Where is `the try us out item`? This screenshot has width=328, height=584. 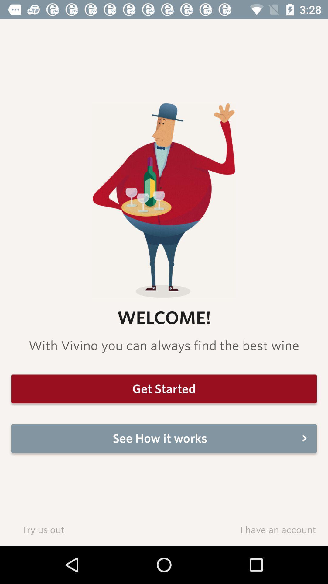 the try us out item is located at coordinates (43, 529).